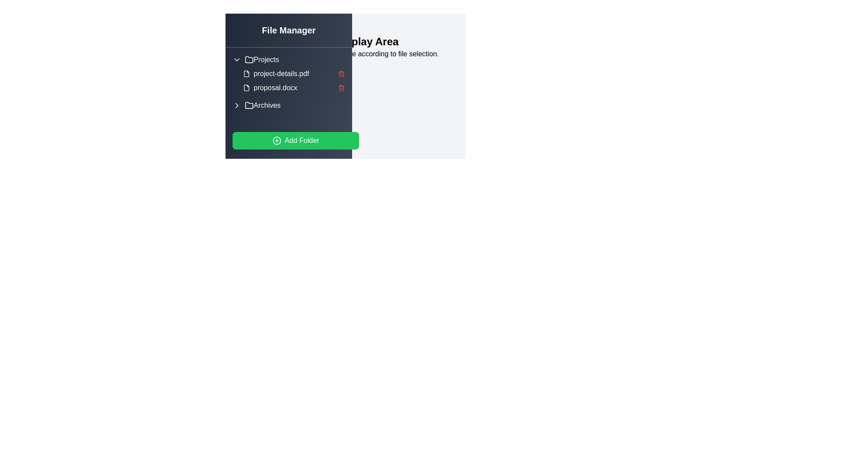 The image size is (844, 475). I want to click on the simplistic file icon representing 'project-details.pdf' in the 'File Manager' sidebar to observe the associated file details, so click(246, 73).